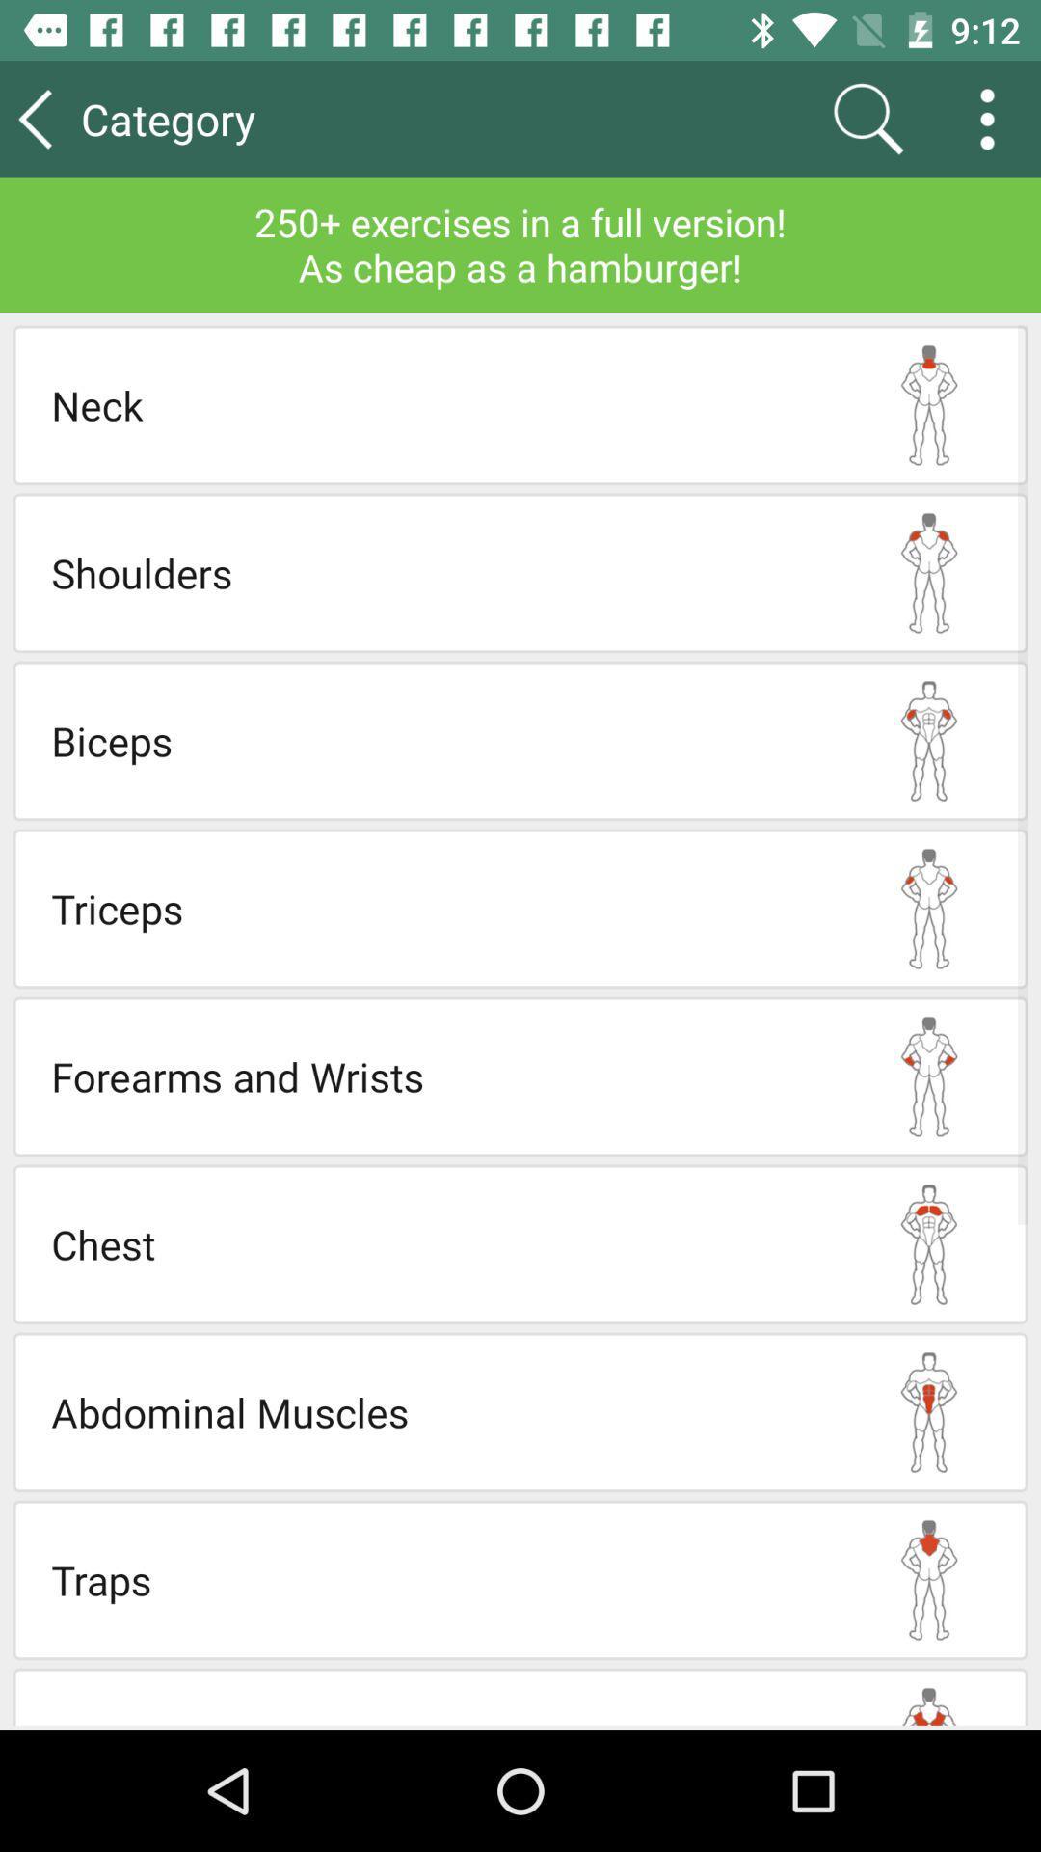 The image size is (1041, 1852). What do you see at coordinates (440, 1412) in the screenshot?
I see `abdominal muscles icon` at bounding box center [440, 1412].